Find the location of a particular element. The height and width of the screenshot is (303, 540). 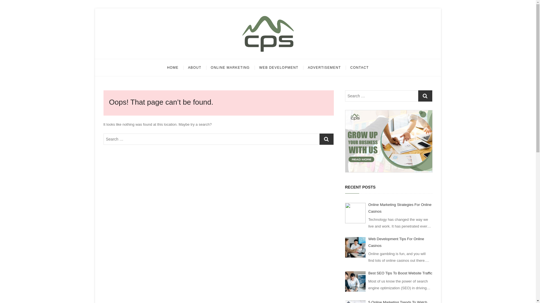

'Best SEO Tips To Boost Website Traffic' is located at coordinates (368, 273).